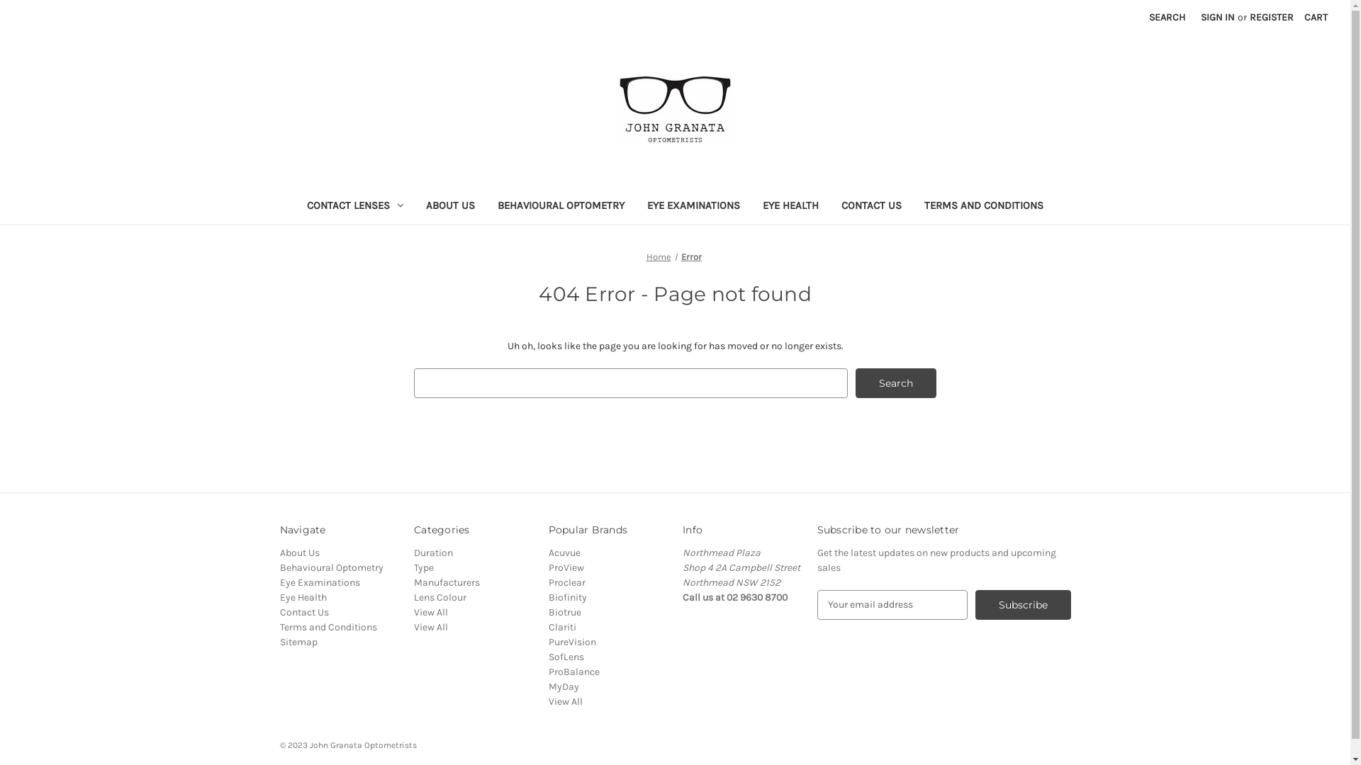  Describe the element at coordinates (658, 256) in the screenshot. I see `'Home'` at that location.